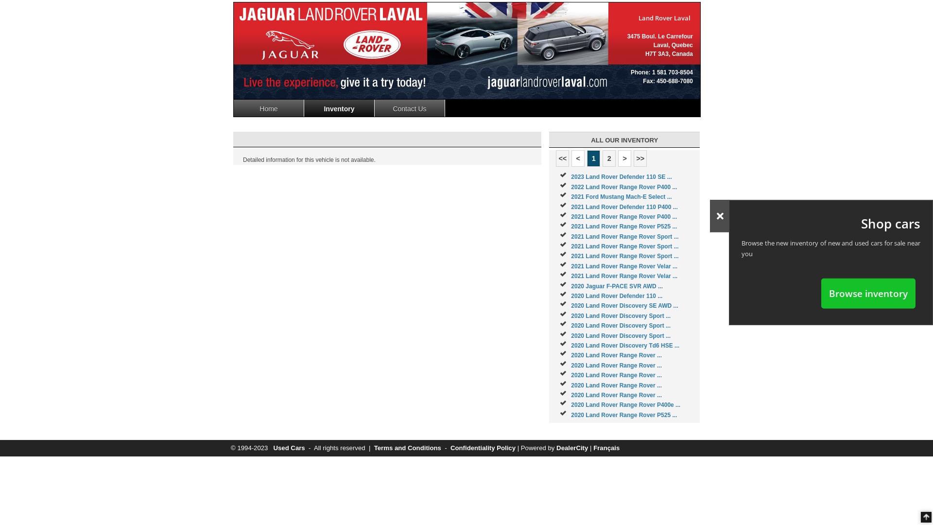  I want to click on '2023 Land Rover Defender 110 SE ...', so click(571, 176).